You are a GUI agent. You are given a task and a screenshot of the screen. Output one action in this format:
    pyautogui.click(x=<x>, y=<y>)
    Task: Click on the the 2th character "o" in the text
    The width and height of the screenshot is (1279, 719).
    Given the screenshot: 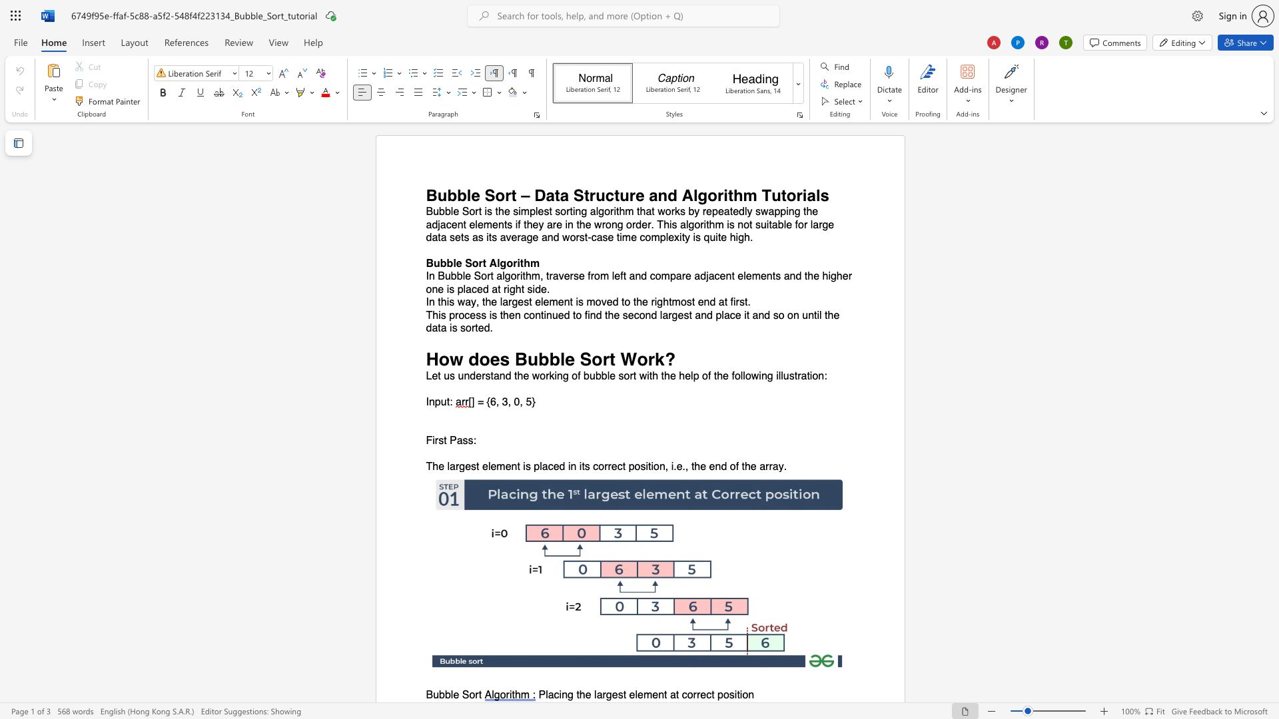 What is the action you would take?
    pyautogui.click(x=509, y=263)
    